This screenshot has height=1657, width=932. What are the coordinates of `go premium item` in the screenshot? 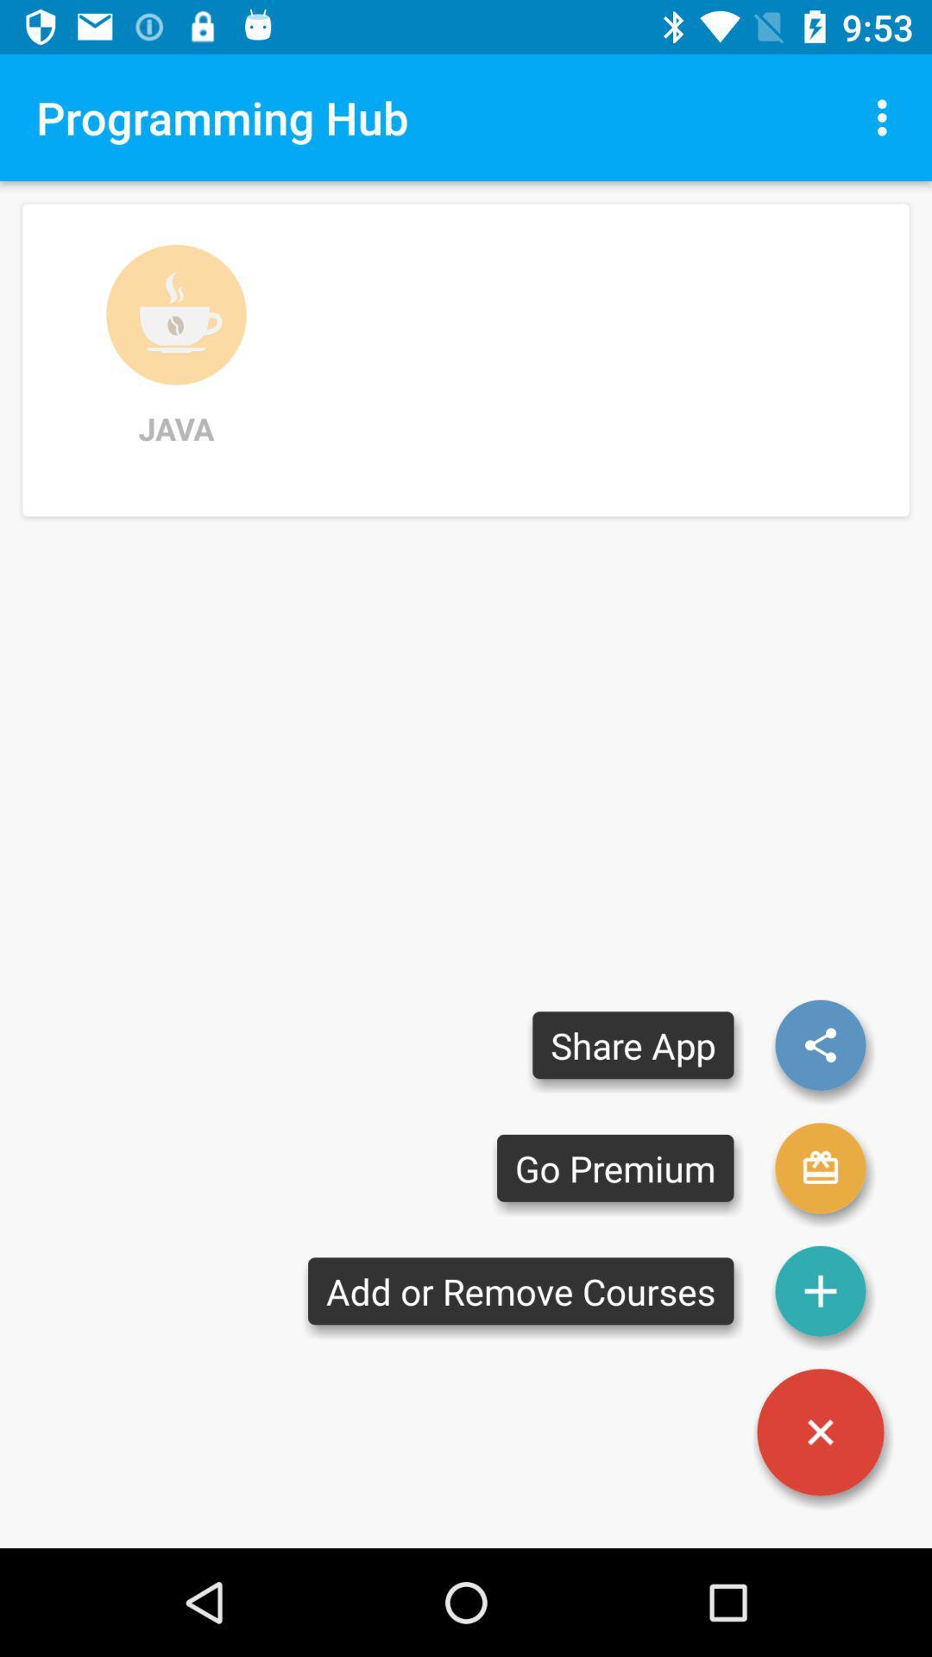 It's located at (614, 1168).